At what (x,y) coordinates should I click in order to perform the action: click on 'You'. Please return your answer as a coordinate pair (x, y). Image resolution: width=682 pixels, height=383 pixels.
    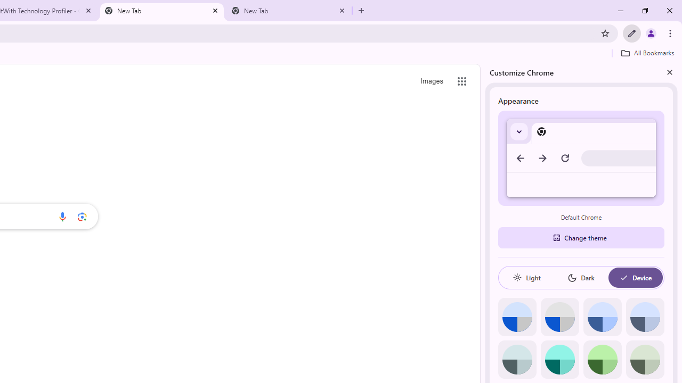
    Looking at the image, I should click on (650, 32).